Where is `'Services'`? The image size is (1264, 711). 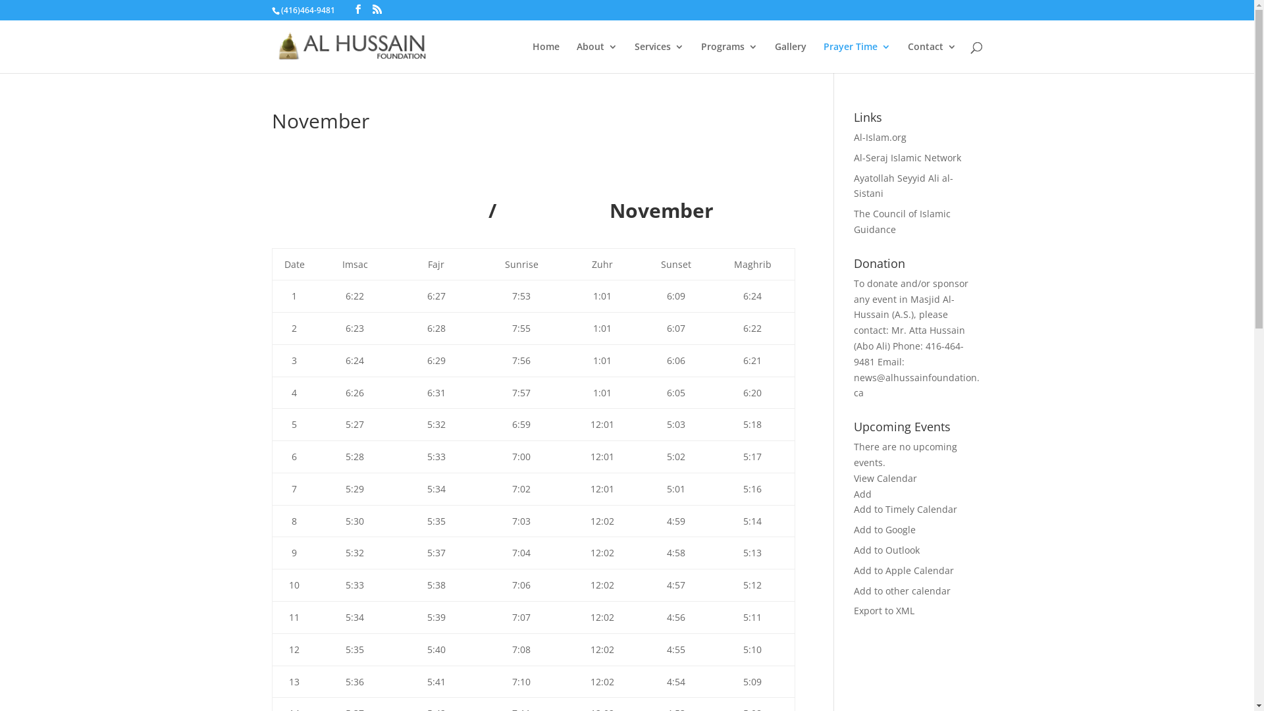
'Services' is located at coordinates (659, 57).